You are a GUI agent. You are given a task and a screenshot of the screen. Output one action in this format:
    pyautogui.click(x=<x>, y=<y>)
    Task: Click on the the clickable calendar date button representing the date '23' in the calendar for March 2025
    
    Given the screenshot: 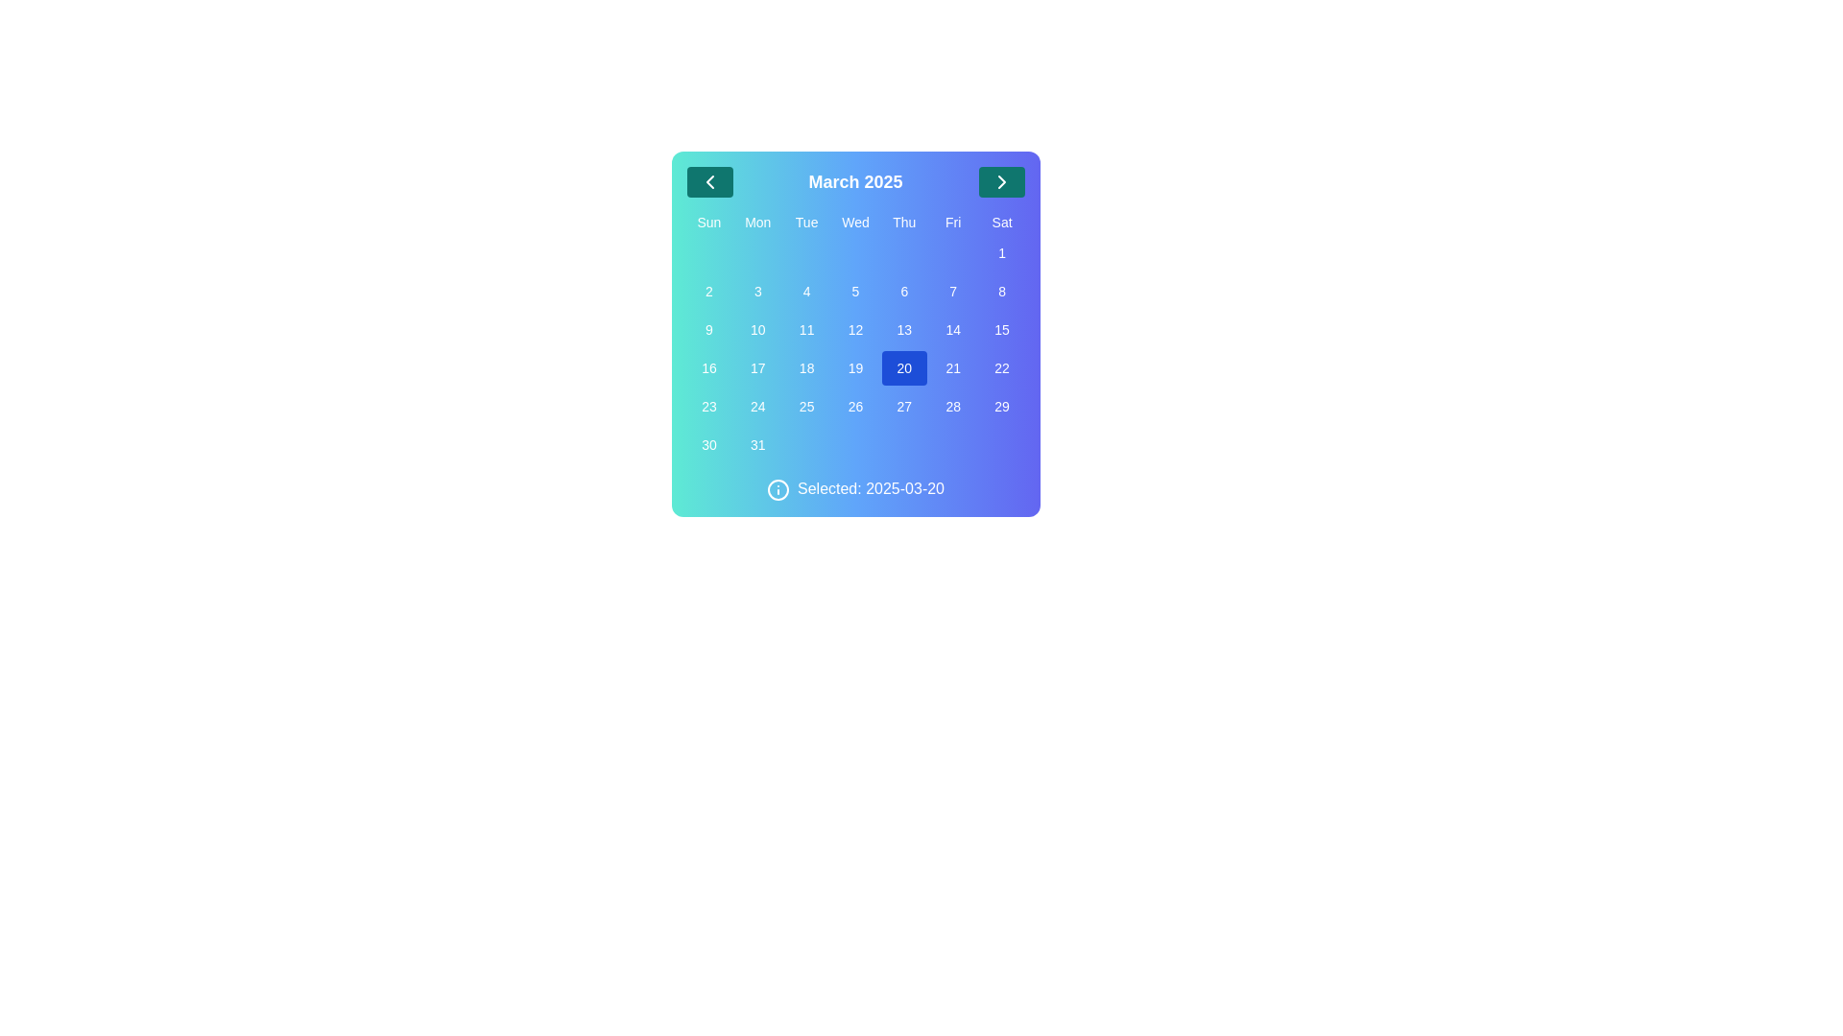 What is the action you would take?
    pyautogui.click(x=708, y=406)
    